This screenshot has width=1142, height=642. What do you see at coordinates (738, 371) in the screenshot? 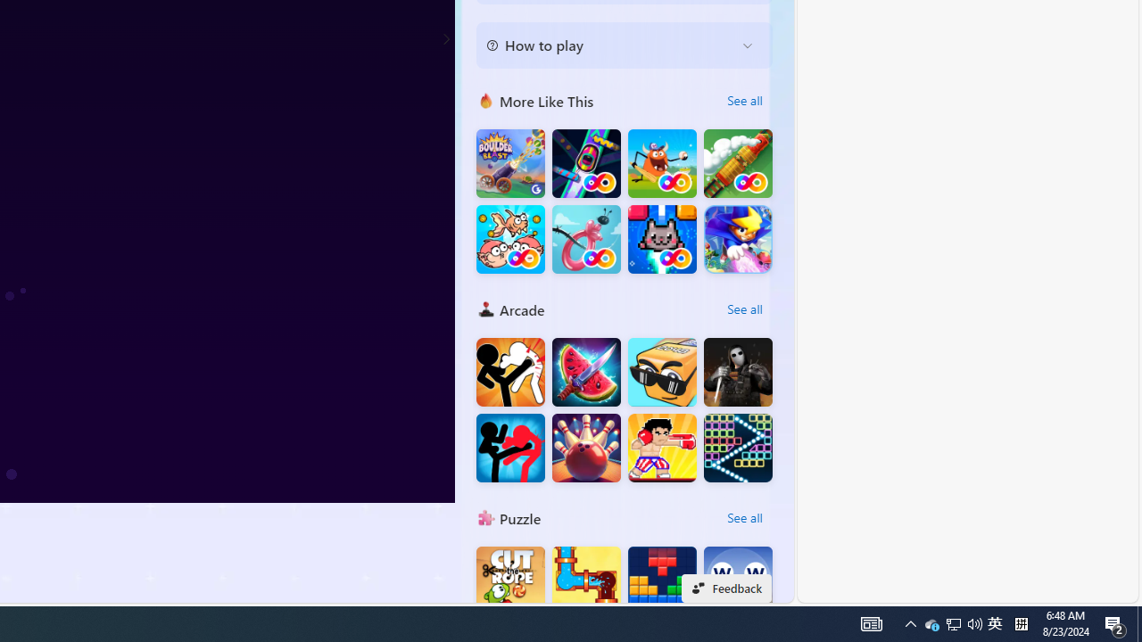
I see `'Hunter Hitman'` at bounding box center [738, 371].